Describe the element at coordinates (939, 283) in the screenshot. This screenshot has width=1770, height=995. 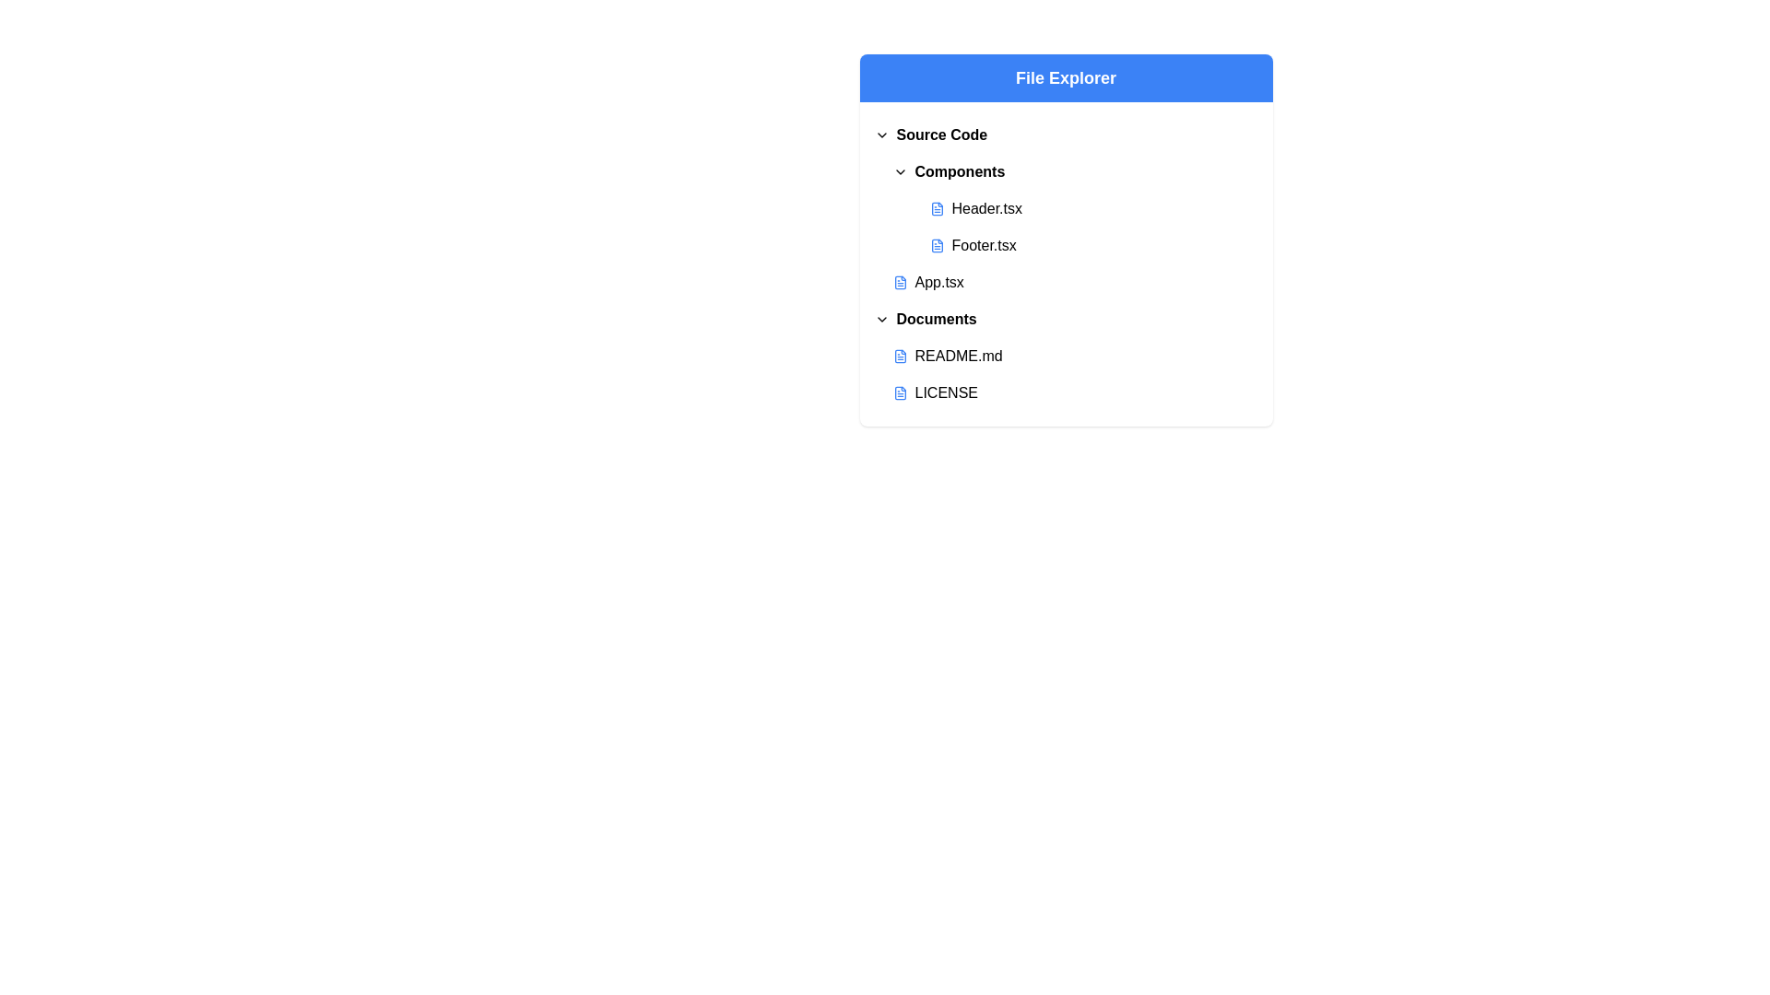
I see `the text label displaying 'App.tsx' in black font, which is the third item in the 'Source Code > Components' section of the file explorer` at that location.